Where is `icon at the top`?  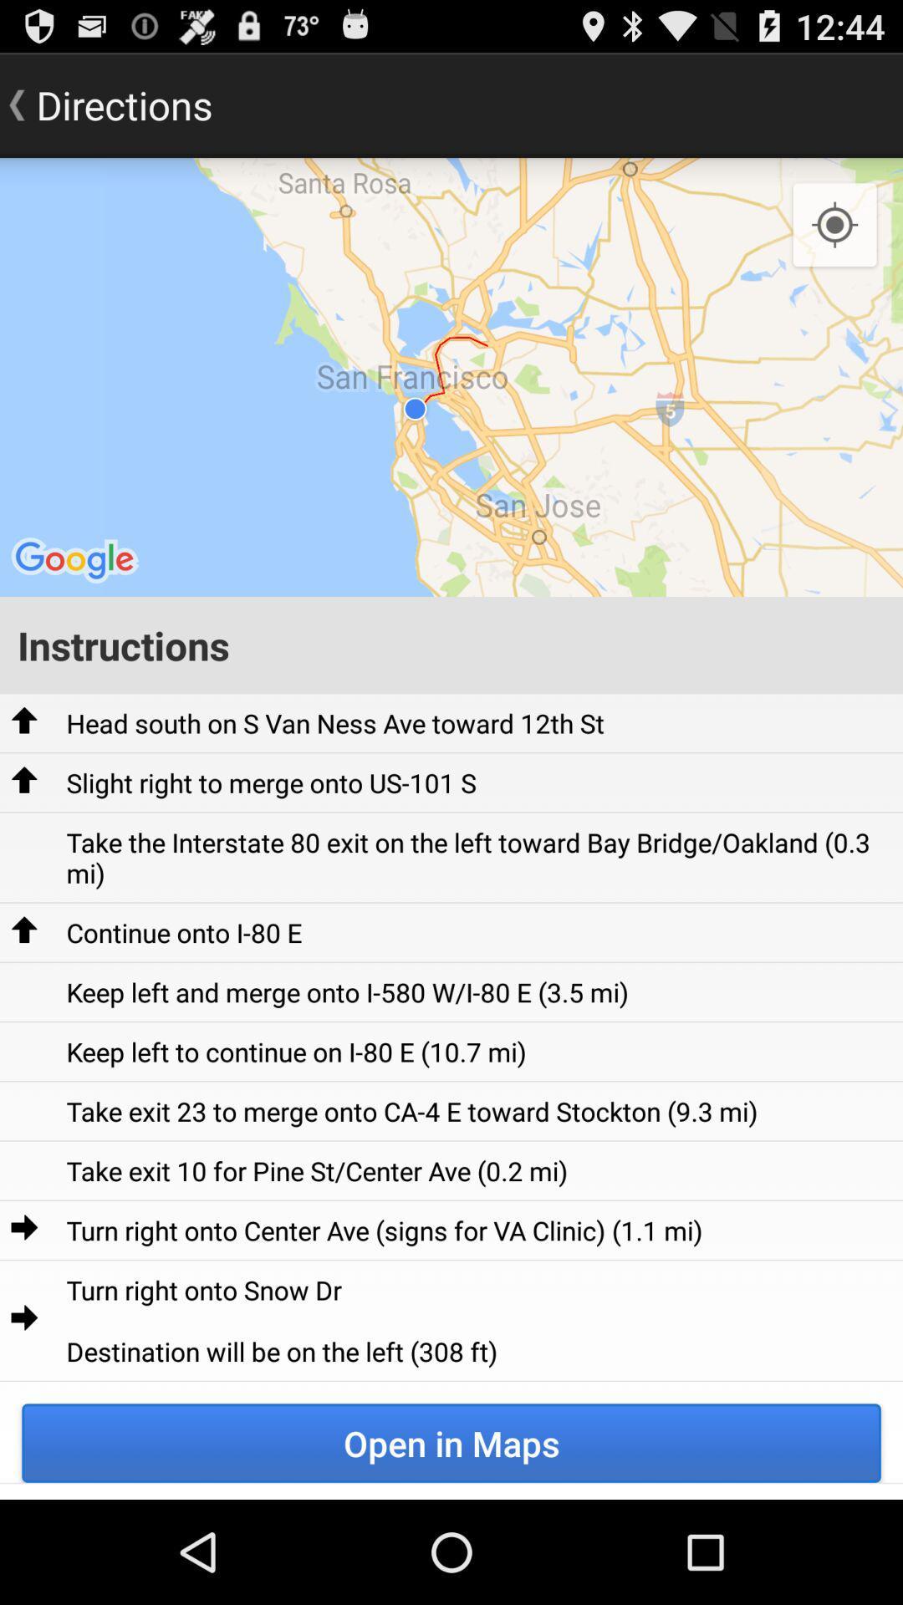 icon at the top is located at coordinates (451, 376).